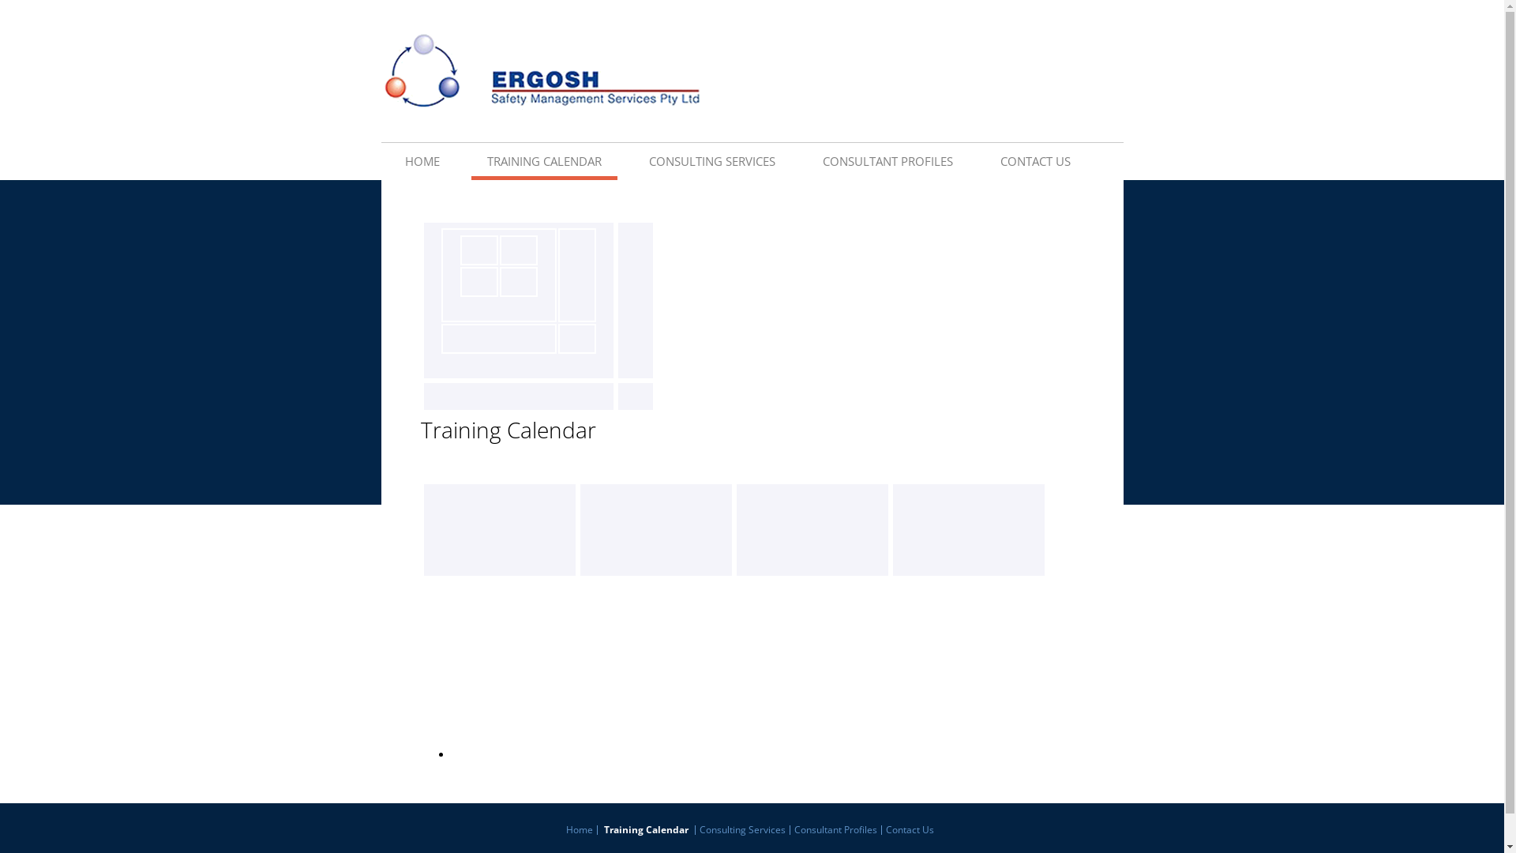  Describe the element at coordinates (543, 159) in the screenshot. I see `'TRAINING CALENDAR'` at that location.